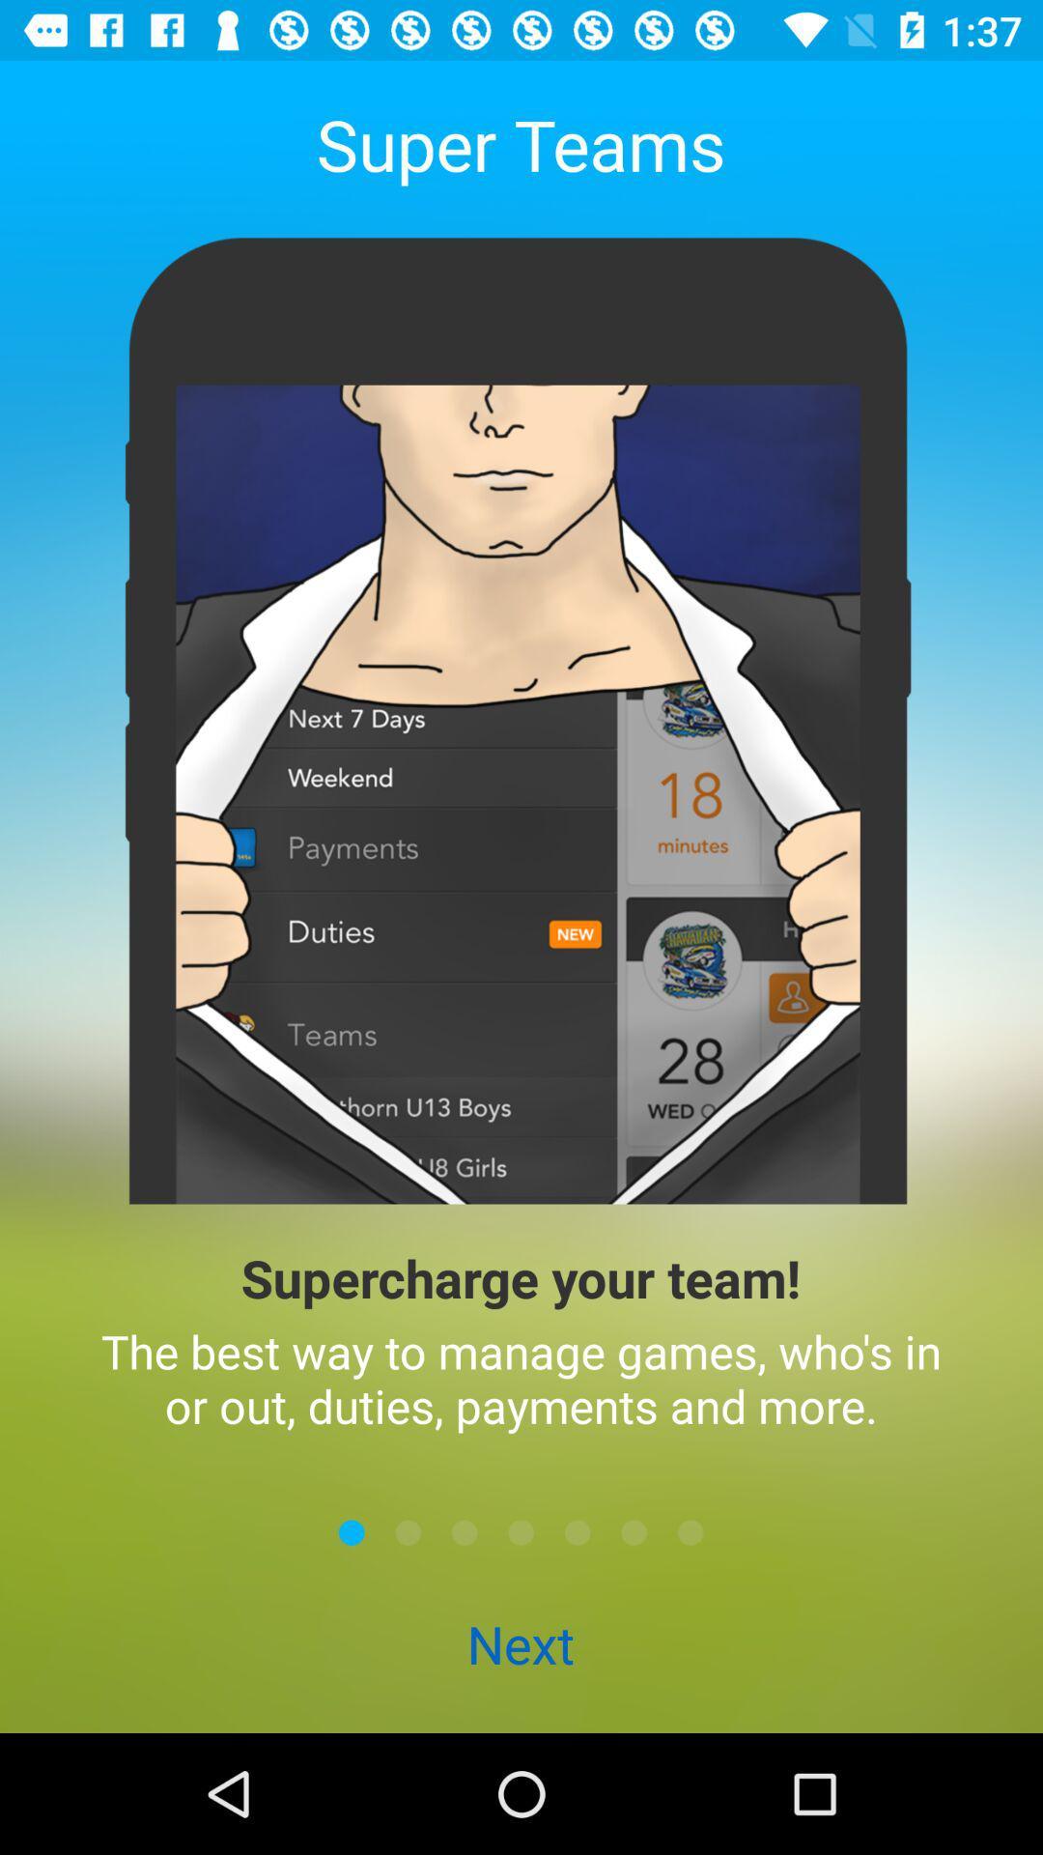 The image size is (1043, 1855). Describe the element at coordinates (408, 1531) in the screenshot. I see `next screen` at that location.